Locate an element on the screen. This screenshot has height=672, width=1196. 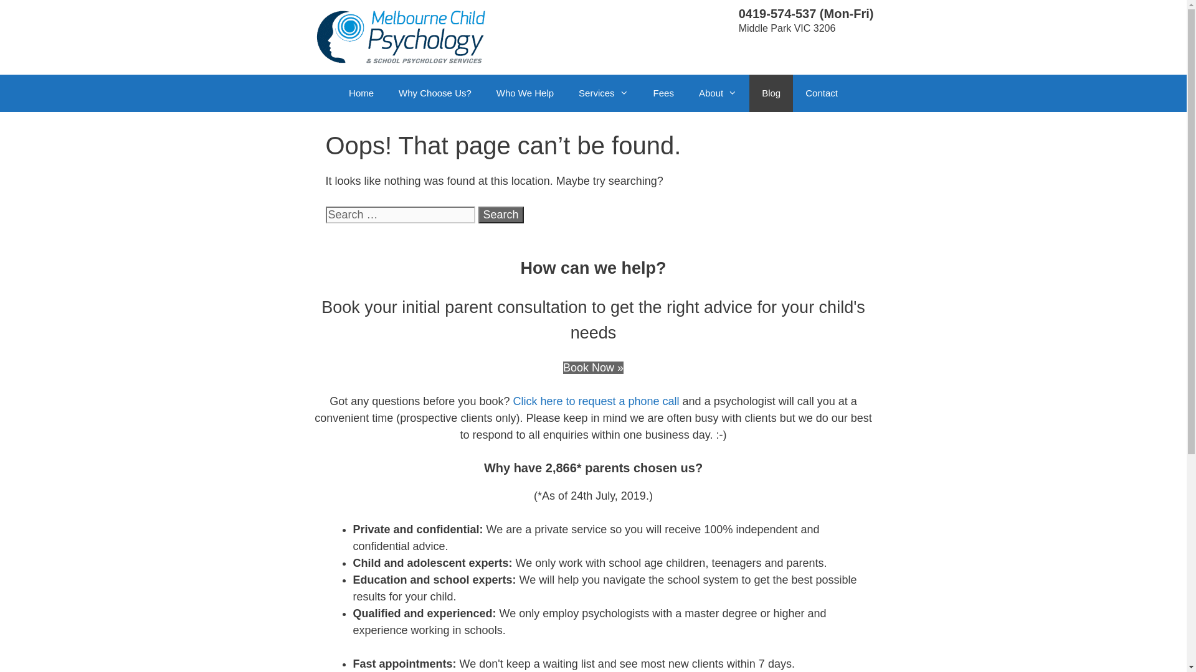
'Fees' is located at coordinates (640, 93).